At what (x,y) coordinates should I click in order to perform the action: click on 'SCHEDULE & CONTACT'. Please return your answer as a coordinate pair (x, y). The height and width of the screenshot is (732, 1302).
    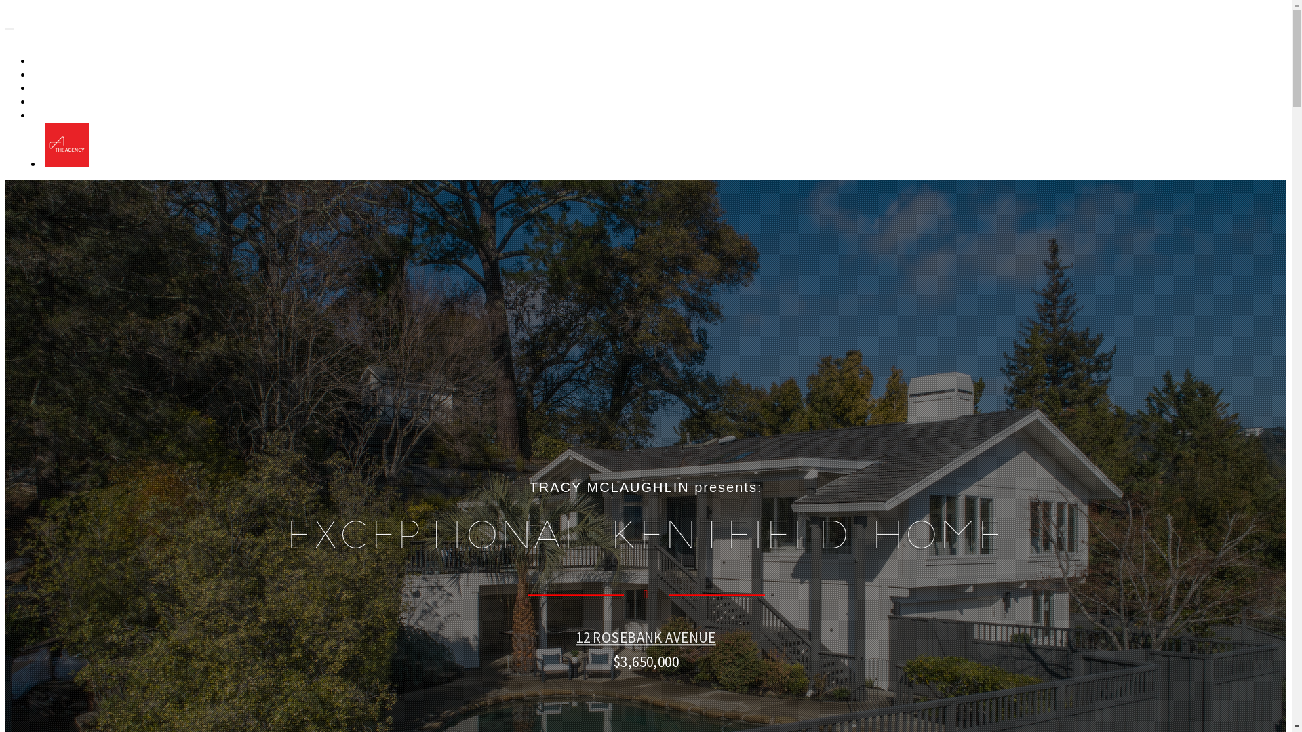
    Looking at the image, I should click on (35, 115).